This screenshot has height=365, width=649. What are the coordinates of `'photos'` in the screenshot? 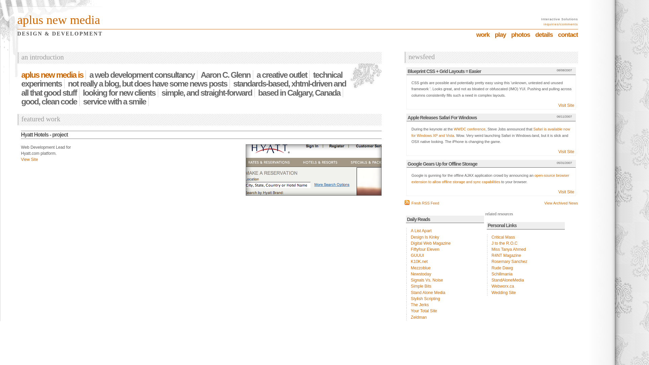 It's located at (511, 34).